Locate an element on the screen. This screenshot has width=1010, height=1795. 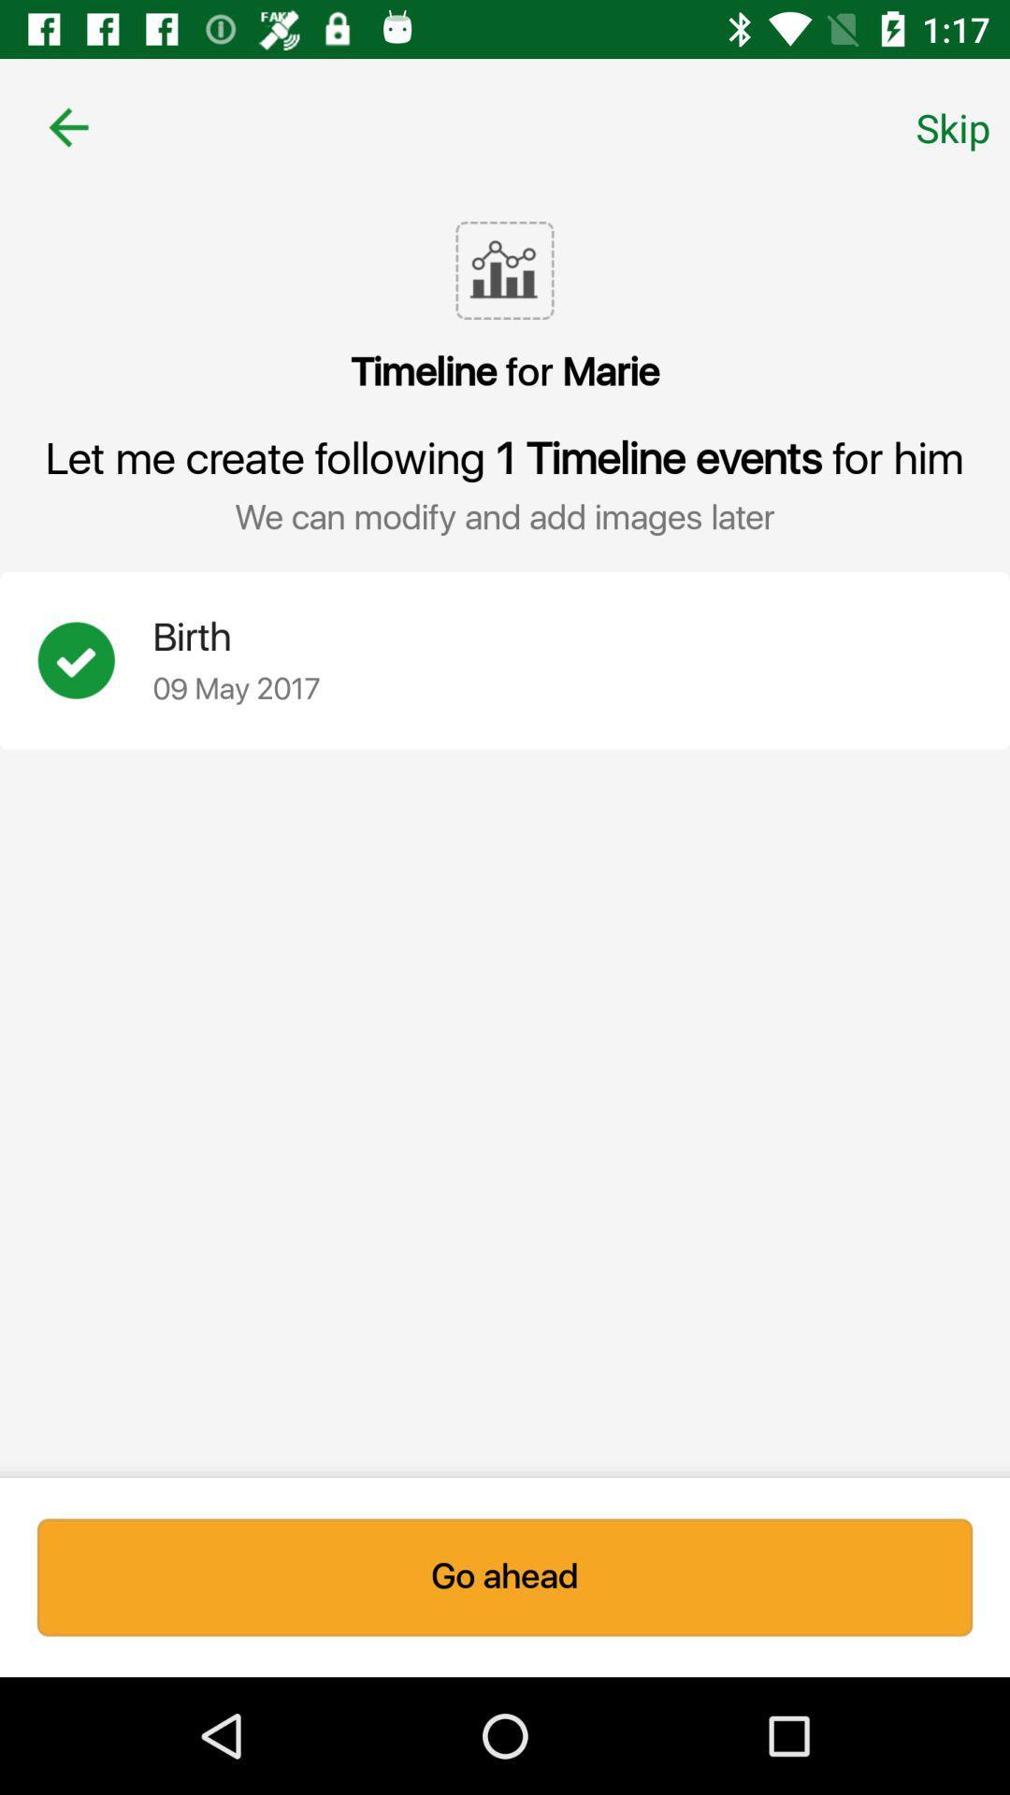
icon above the timeline for marie is located at coordinates (67, 126).